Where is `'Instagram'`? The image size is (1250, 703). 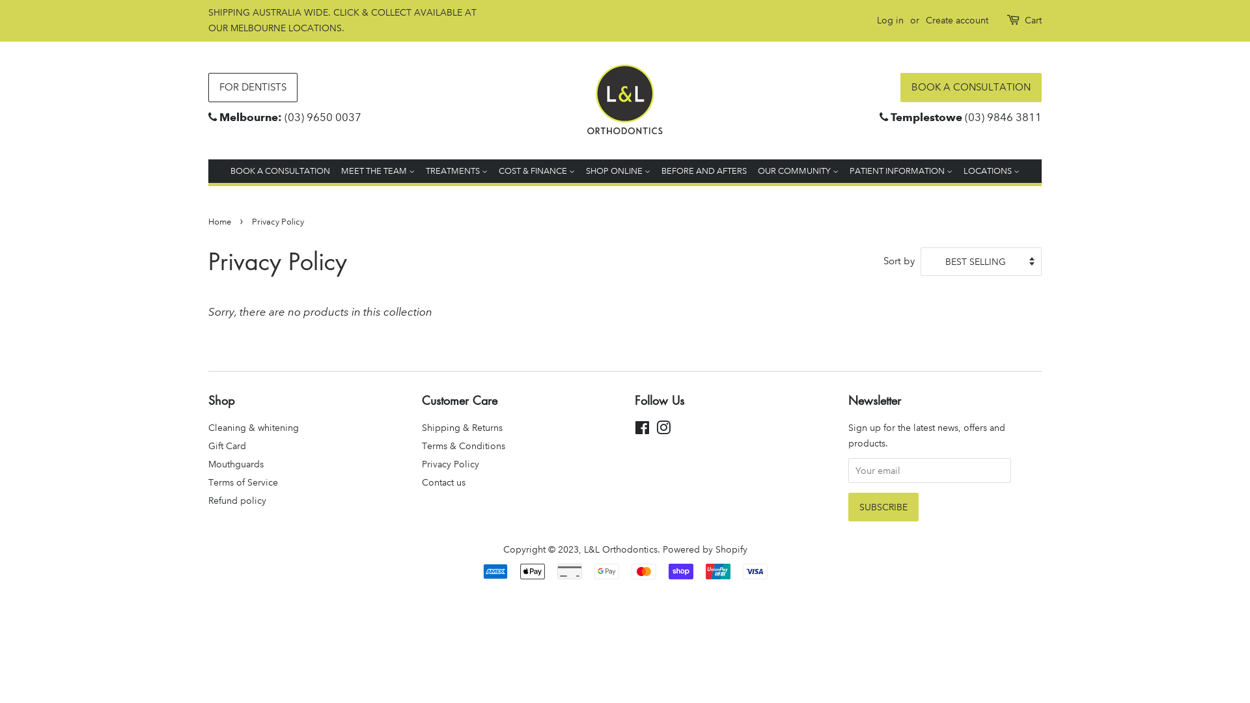
'Instagram' is located at coordinates (663, 430).